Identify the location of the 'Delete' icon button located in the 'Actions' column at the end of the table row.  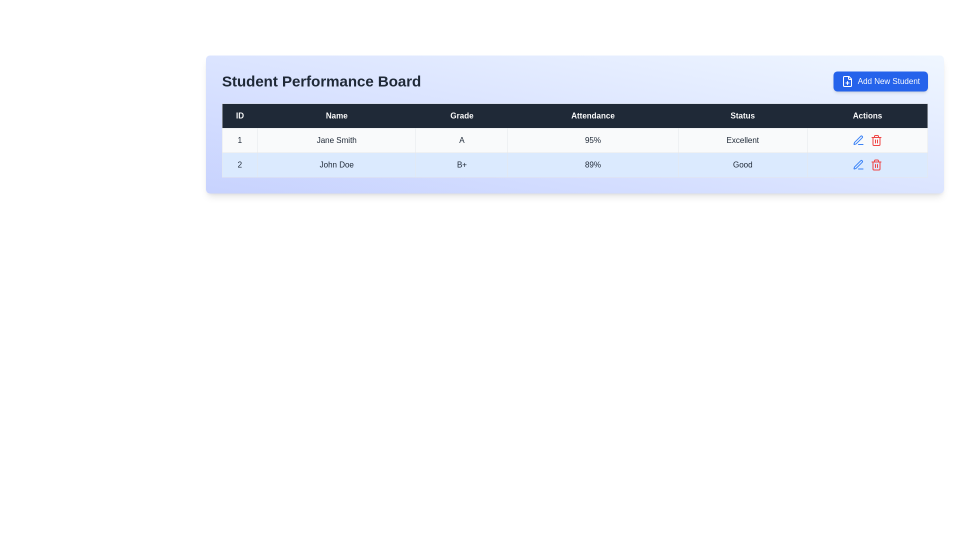
(876, 140).